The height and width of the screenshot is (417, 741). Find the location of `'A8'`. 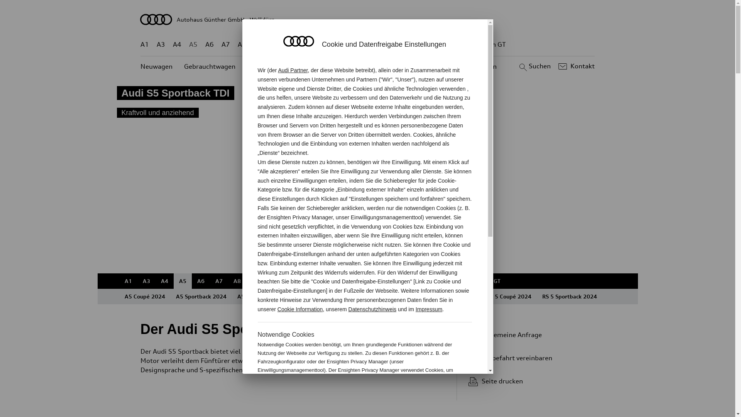

'A8' is located at coordinates (237, 44).